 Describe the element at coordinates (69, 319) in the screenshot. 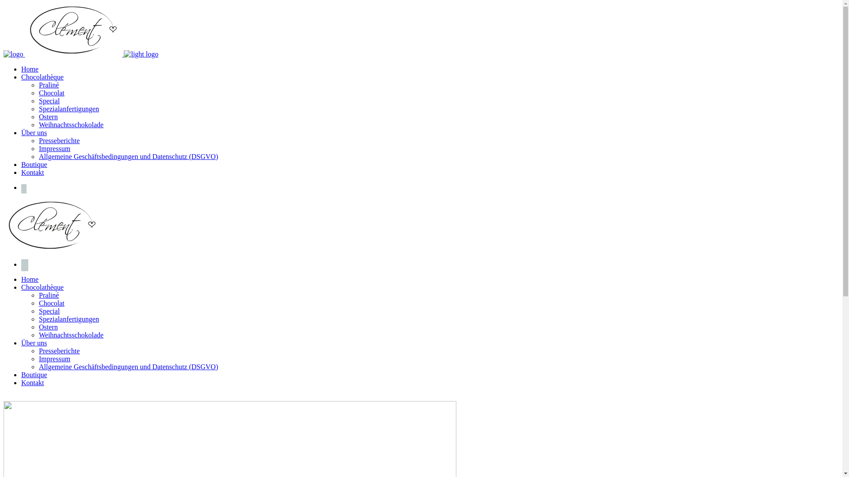

I see `'Spezialanfertigungen'` at that location.